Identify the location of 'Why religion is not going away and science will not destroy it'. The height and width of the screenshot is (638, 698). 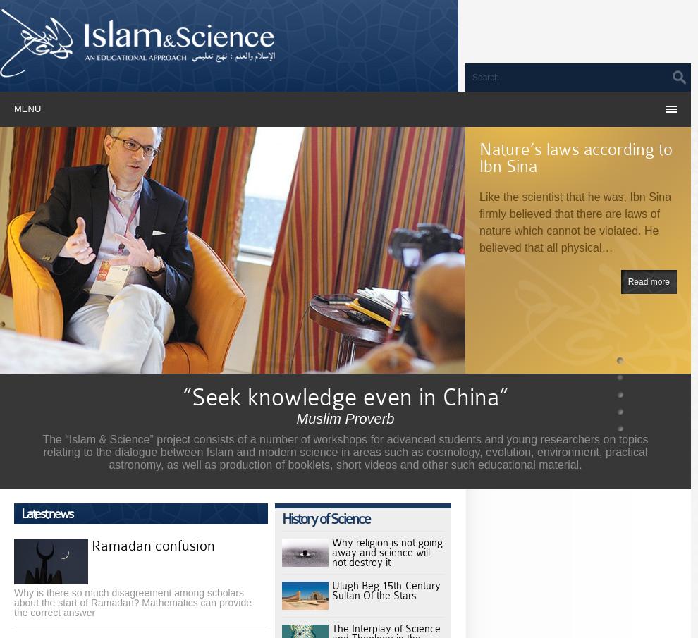
(387, 553).